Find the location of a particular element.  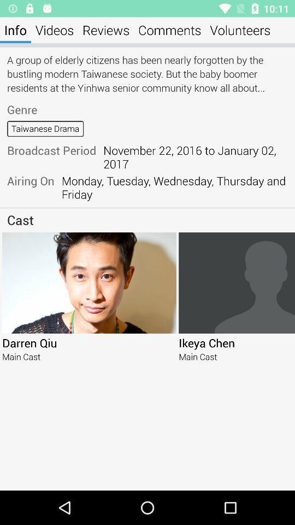

the videos icon is located at coordinates (54, 30).